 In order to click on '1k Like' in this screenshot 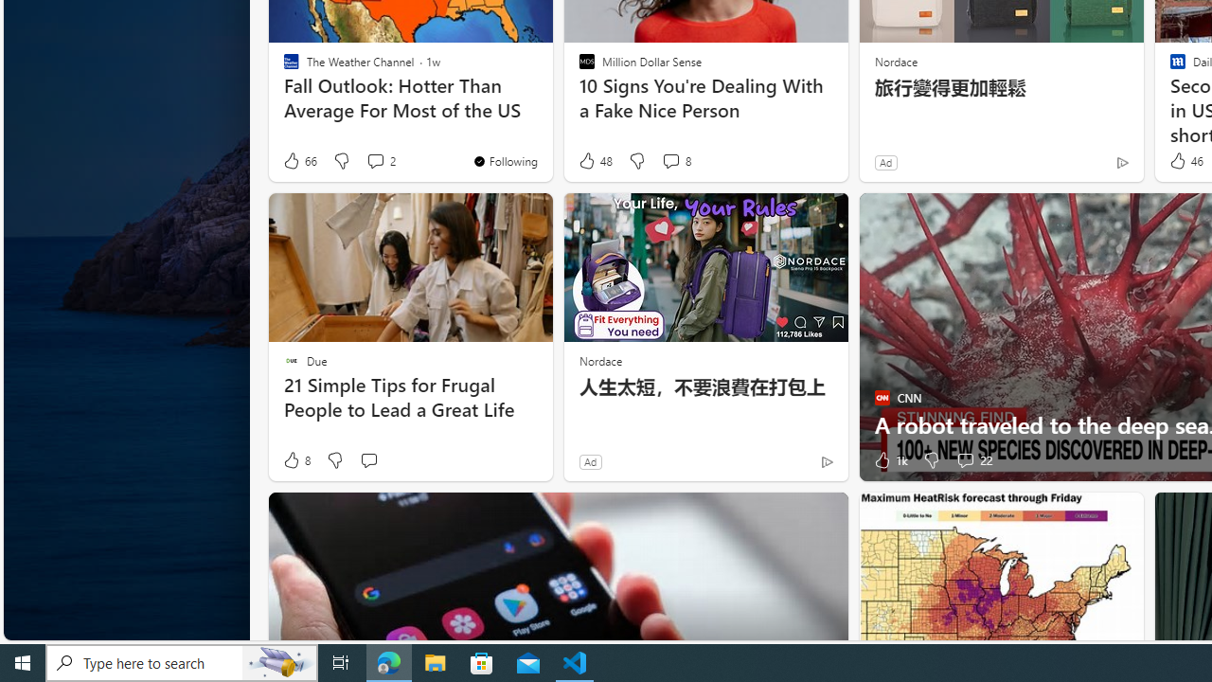, I will do `click(888, 460)`.